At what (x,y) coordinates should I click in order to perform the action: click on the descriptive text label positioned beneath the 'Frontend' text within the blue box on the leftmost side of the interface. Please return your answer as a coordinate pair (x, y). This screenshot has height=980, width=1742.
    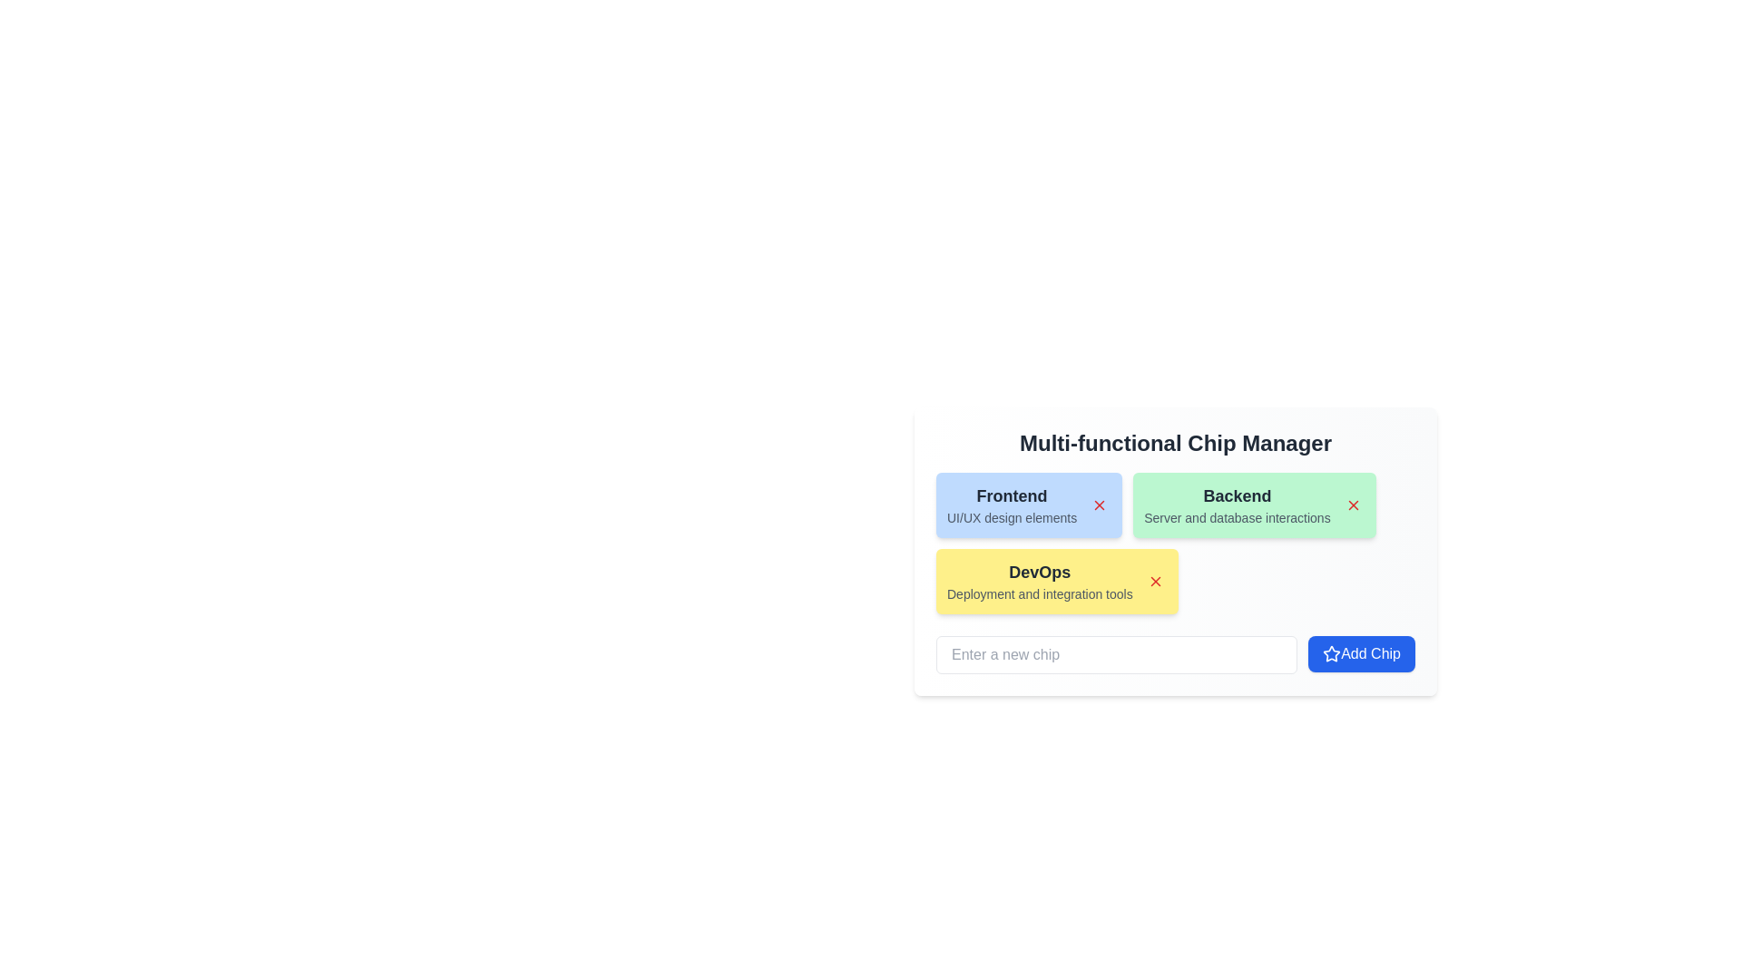
    Looking at the image, I should click on (1011, 517).